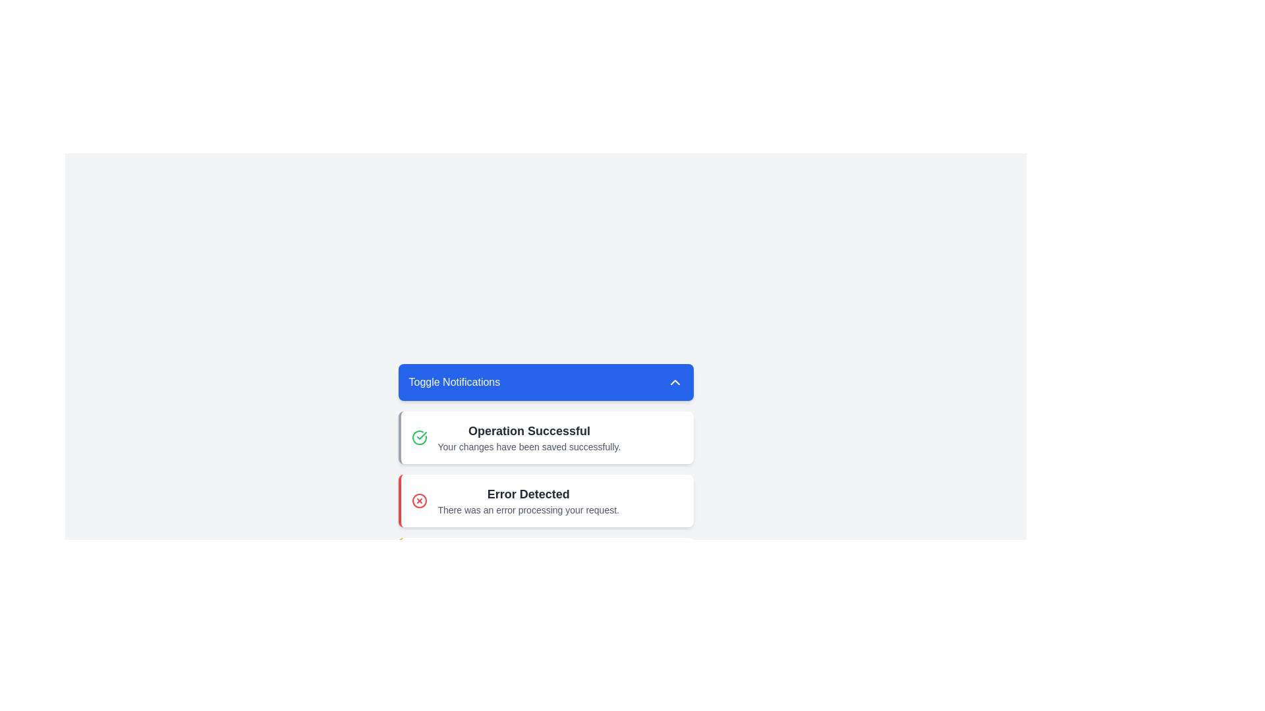  Describe the element at coordinates (529, 431) in the screenshot. I see `the Text label that serves as the title or heading for the notification message, positioned below a blue header labeled 'Toggle Notifications.'` at that location.